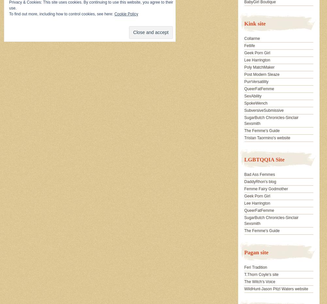  I want to click on 'T.Thorn Coyle's site', so click(261, 274).